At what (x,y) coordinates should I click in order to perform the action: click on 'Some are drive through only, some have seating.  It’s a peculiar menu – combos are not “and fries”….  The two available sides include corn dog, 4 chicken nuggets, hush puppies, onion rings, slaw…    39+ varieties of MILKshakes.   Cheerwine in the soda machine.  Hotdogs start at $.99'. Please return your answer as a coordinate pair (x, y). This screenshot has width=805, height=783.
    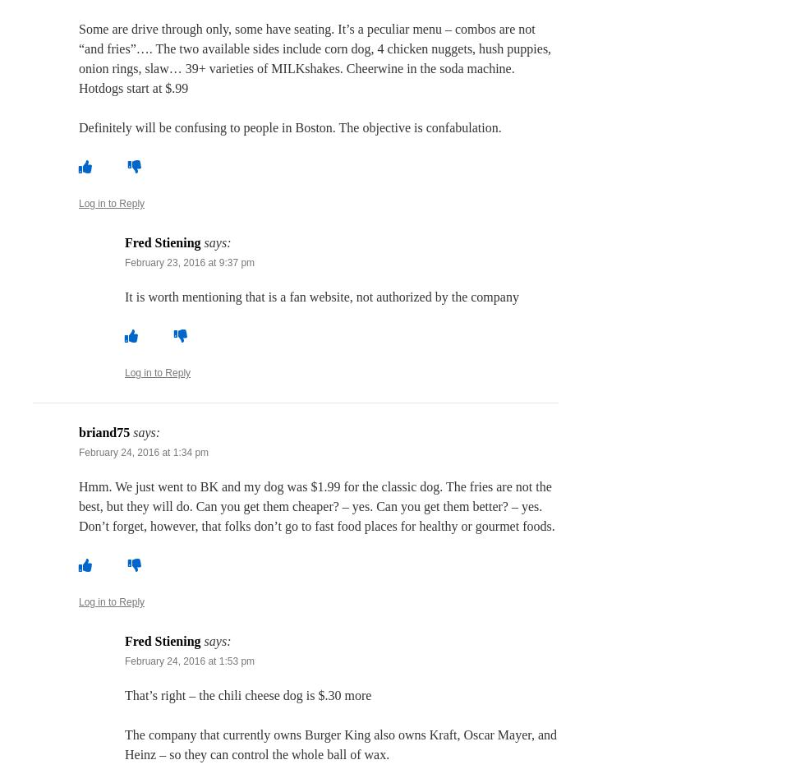
    Looking at the image, I should click on (315, 58).